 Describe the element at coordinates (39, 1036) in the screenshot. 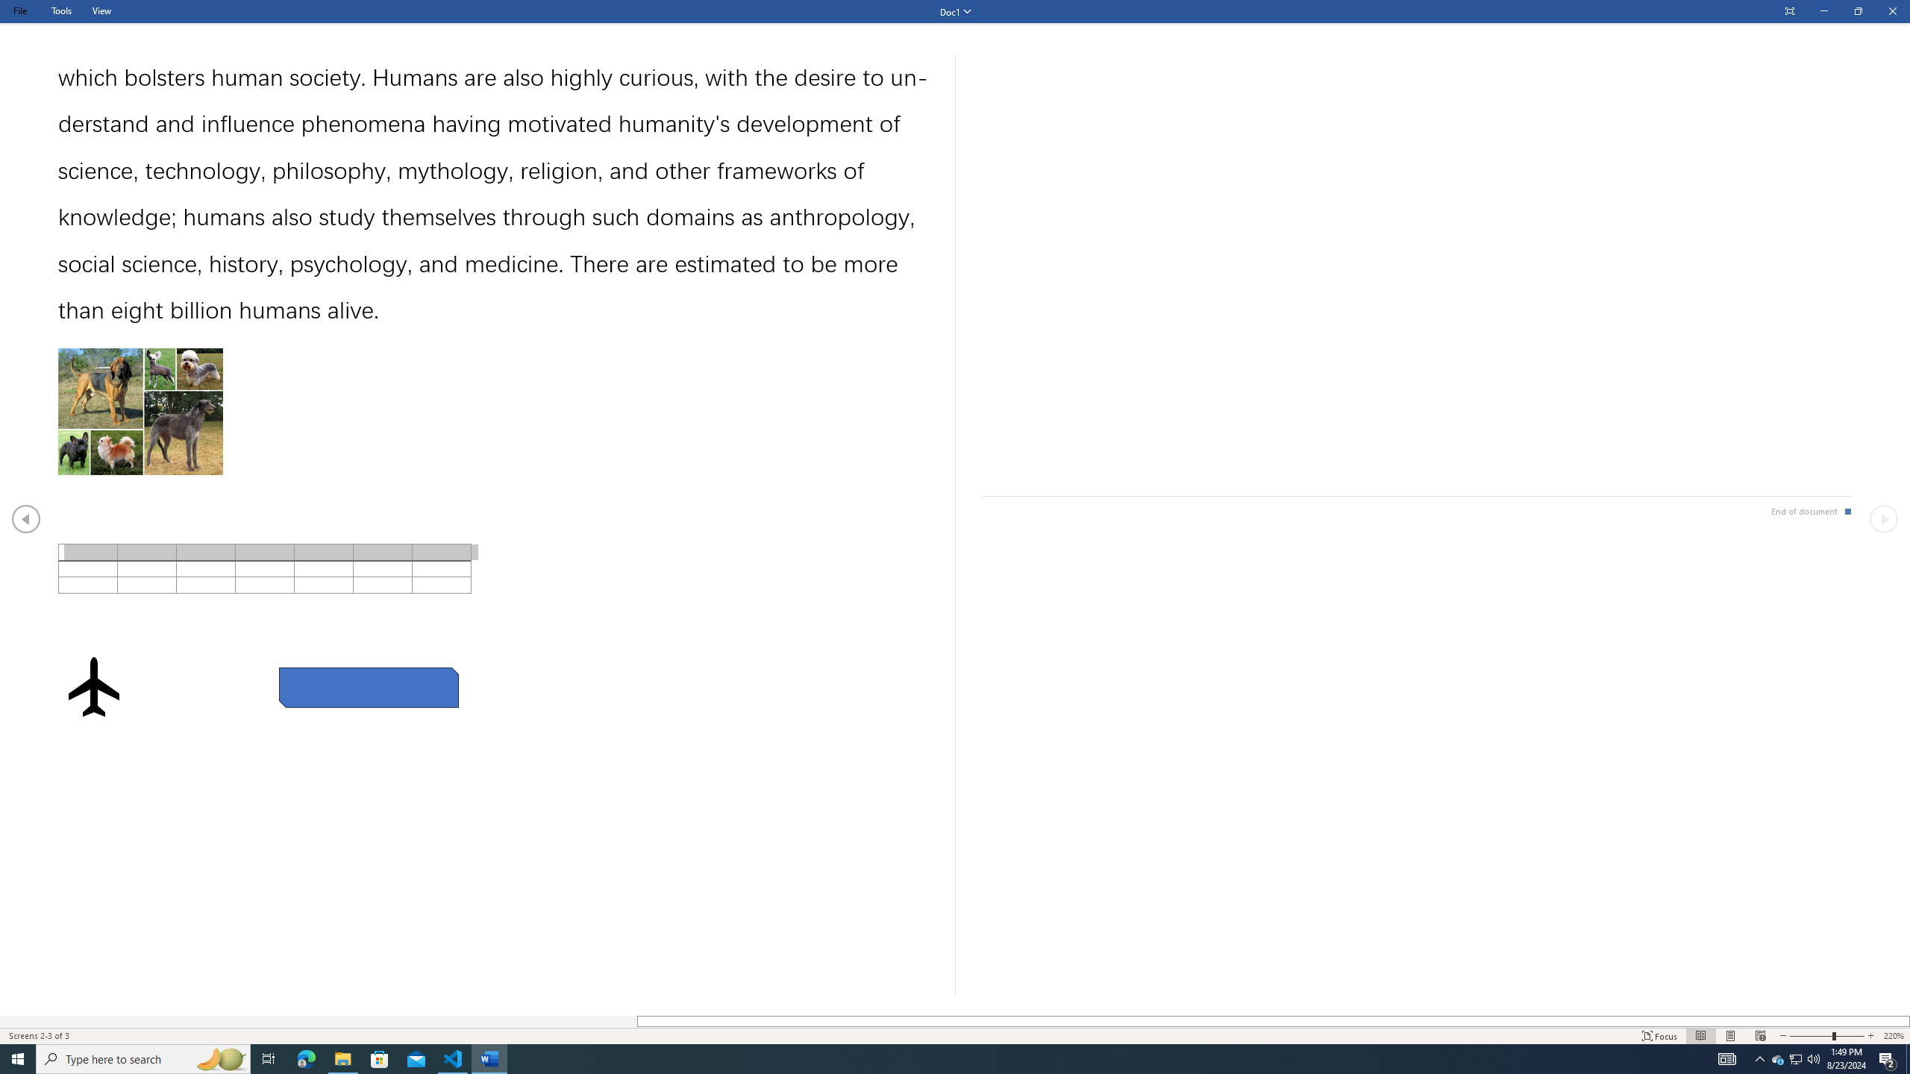

I see `'Page Number Screens 2-3 of 3 '` at that location.